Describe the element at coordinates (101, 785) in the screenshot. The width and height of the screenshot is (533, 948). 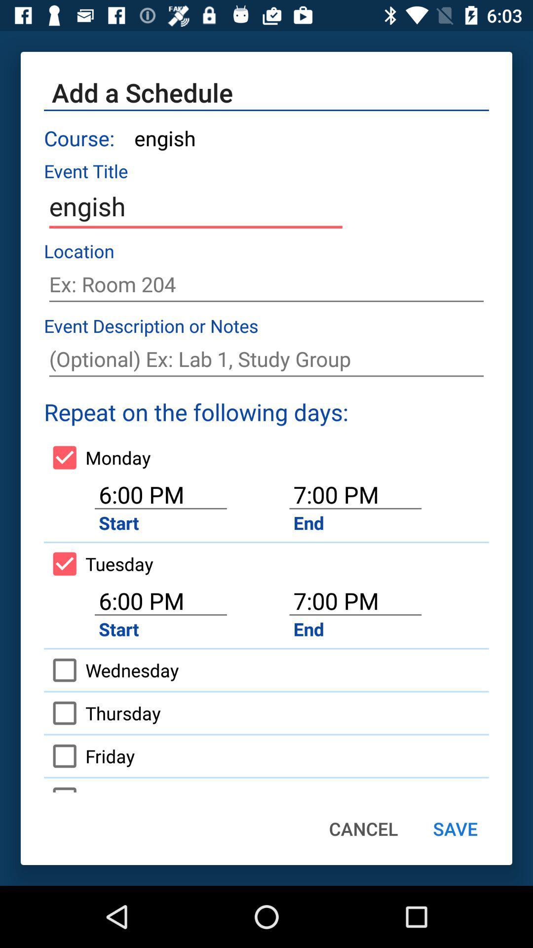
I see `icon to the left of the cancel icon` at that location.